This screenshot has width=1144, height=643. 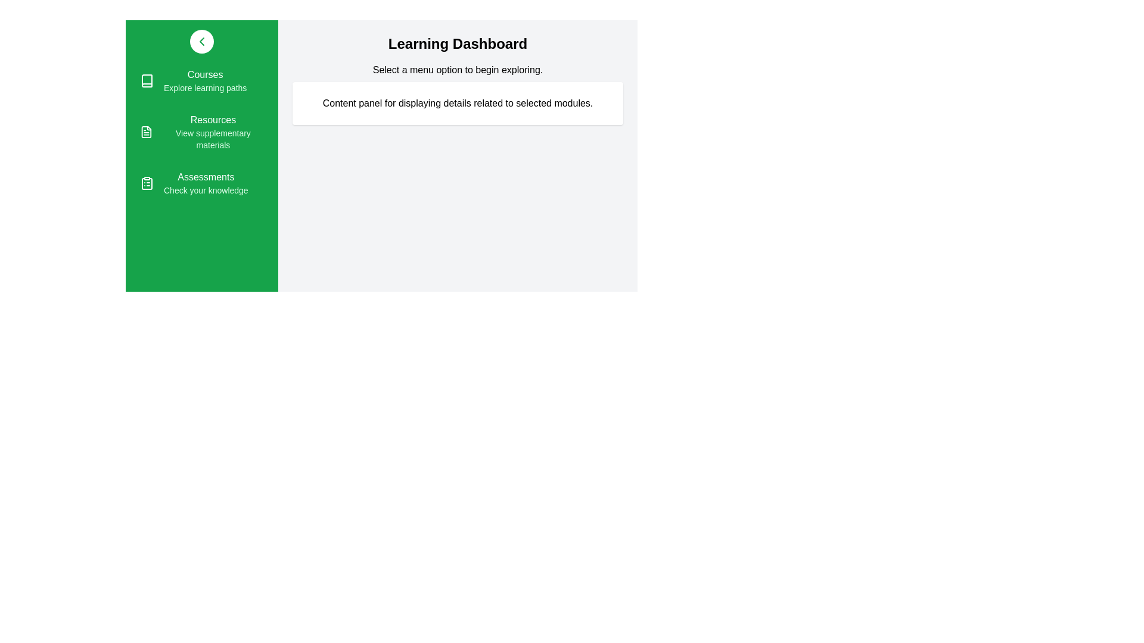 What do you see at coordinates (202, 40) in the screenshot?
I see `the drawer toggle button to toggle the drawer open or closed` at bounding box center [202, 40].